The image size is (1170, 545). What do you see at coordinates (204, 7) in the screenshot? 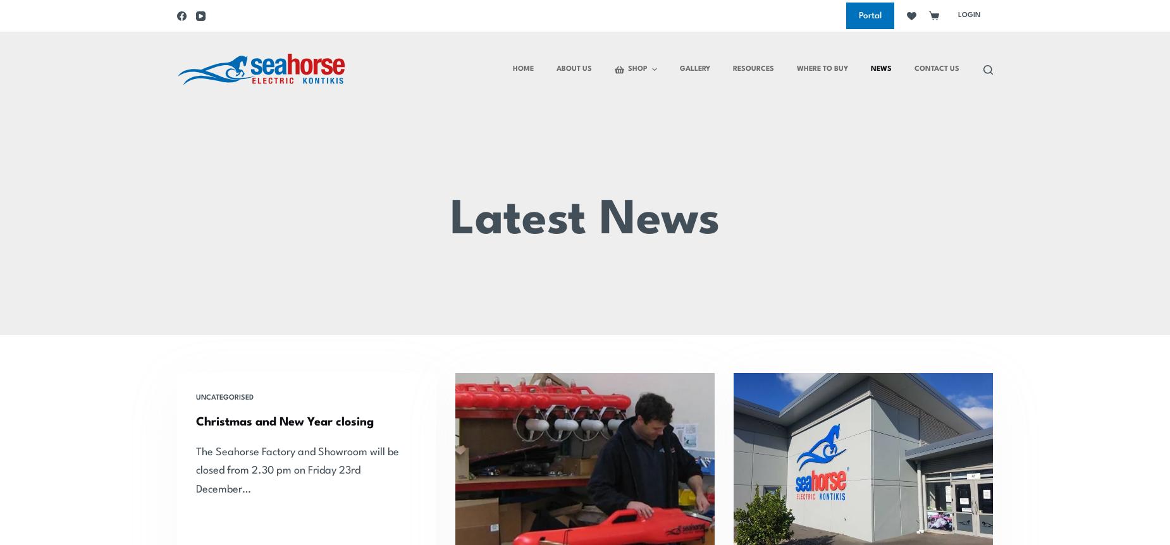
I see `'Trace & Tackle'` at bounding box center [204, 7].